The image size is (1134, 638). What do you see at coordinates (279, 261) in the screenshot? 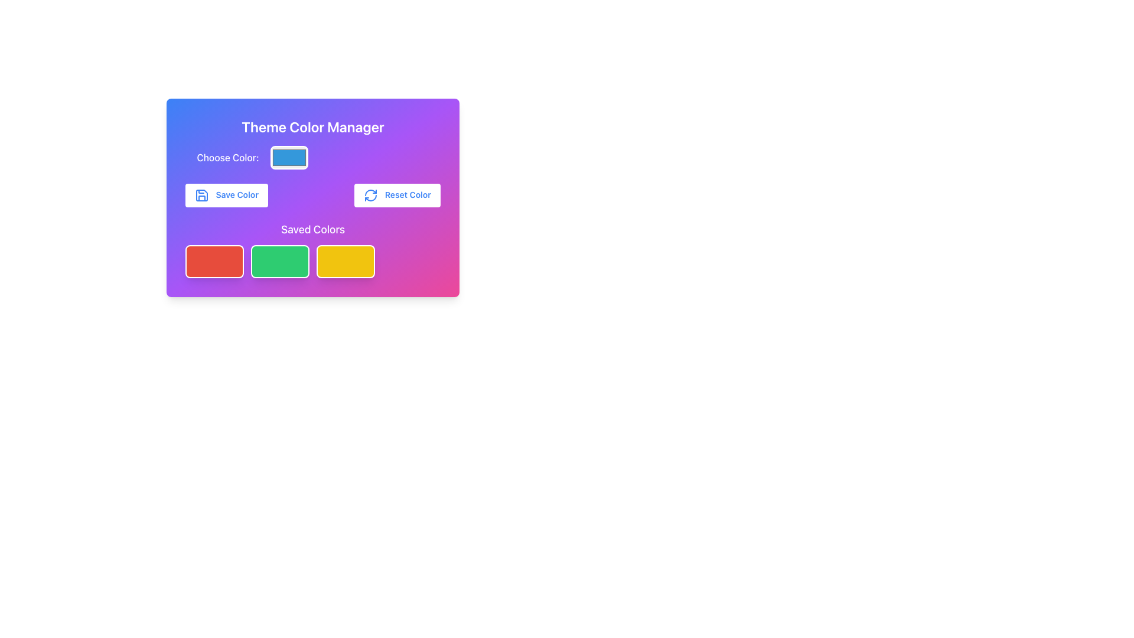
I see `the vibrant green color box with rounded corners, which is the second box in a horizontal sequence of color boxes within the 'Saved Colors' section` at bounding box center [279, 261].